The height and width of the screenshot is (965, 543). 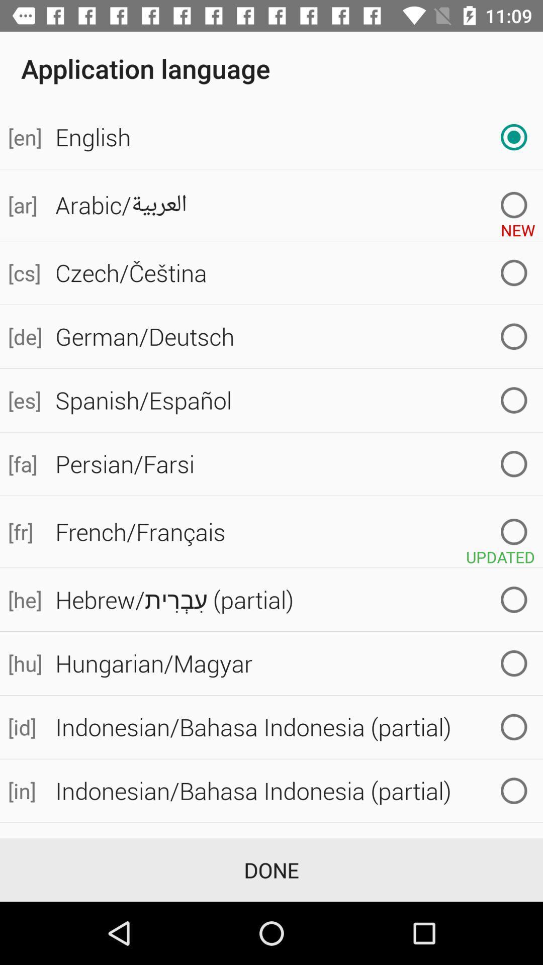 What do you see at coordinates (295, 836) in the screenshot?
I see `italian/italiano icon` at bounding box center [295, 836].